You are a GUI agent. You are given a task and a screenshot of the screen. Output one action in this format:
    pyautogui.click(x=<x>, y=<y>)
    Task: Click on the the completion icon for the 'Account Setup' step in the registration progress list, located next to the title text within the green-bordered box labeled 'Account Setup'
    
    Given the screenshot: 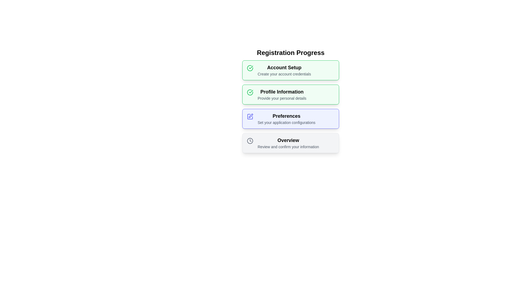 What is the action you would take?
    pyautogui.click(x=251, y=91)
    